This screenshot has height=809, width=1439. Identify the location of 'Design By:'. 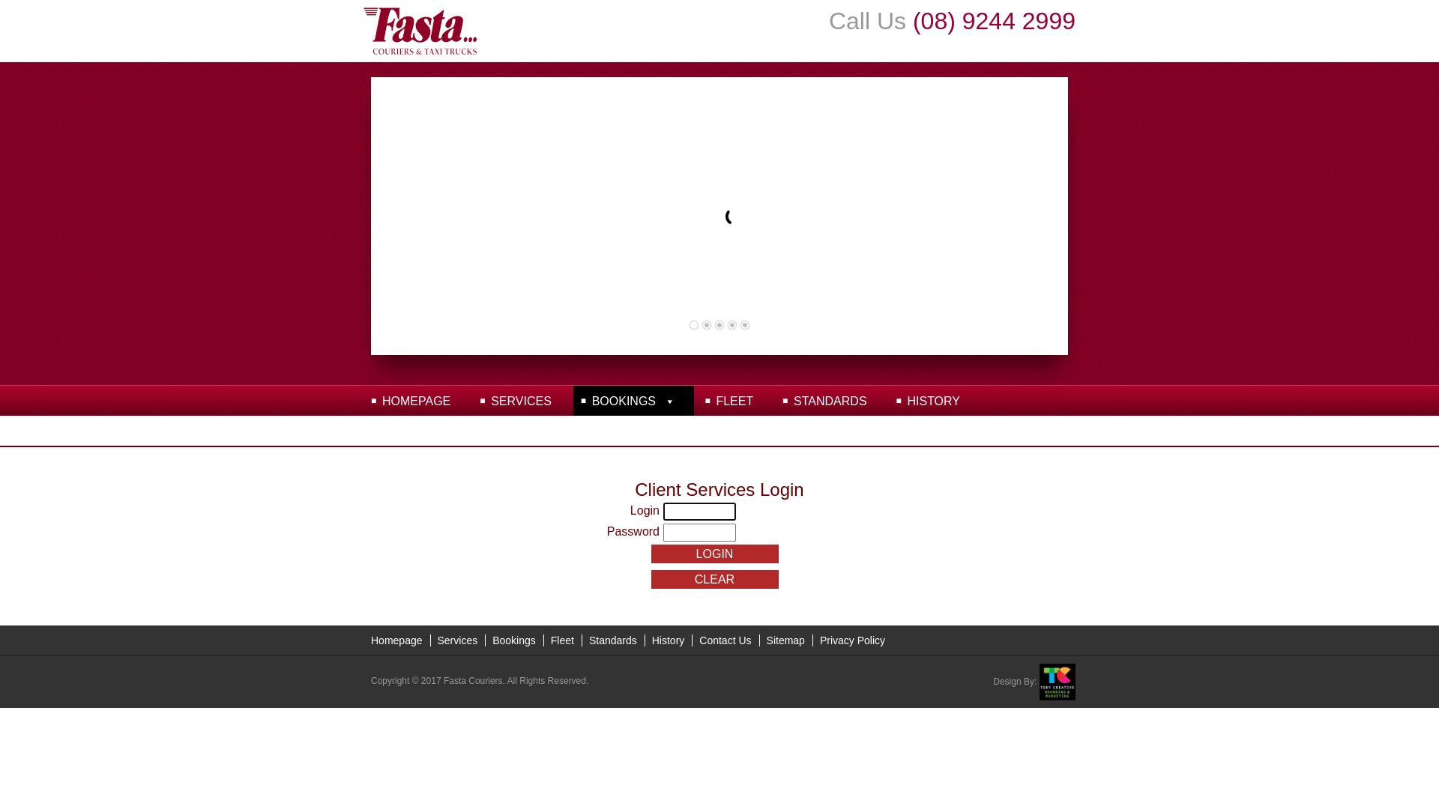
(1034, 682).